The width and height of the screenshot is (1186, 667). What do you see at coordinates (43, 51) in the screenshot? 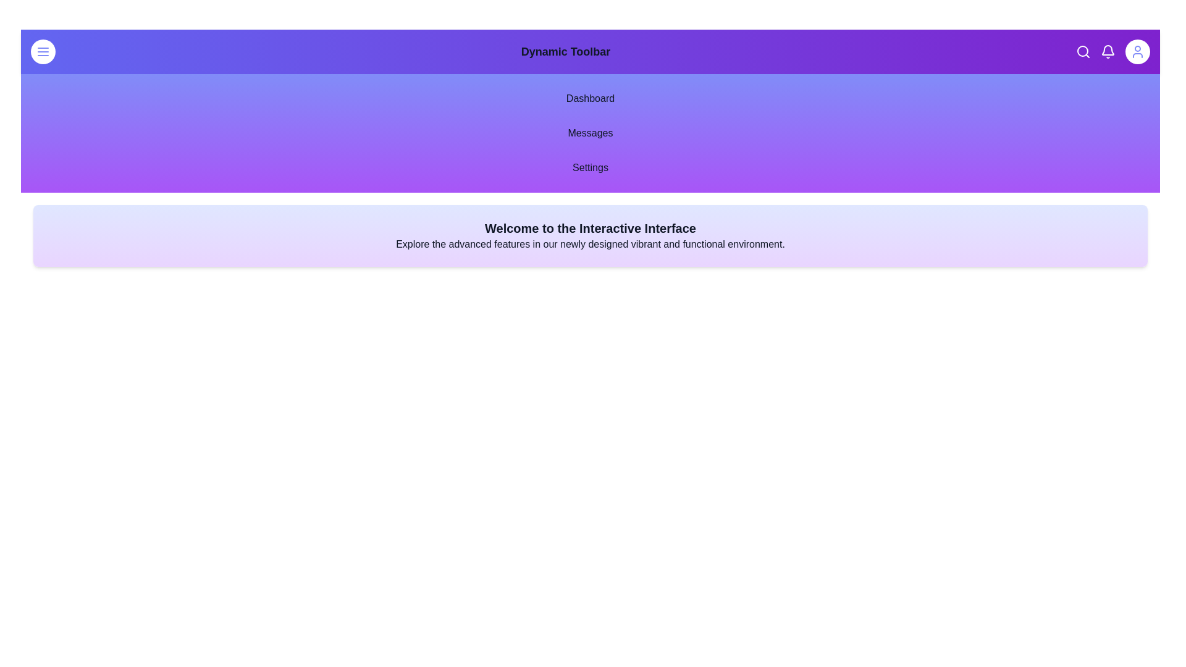
I see `the menu button to toggle the menu visibility` at bounding box center [43, 51].